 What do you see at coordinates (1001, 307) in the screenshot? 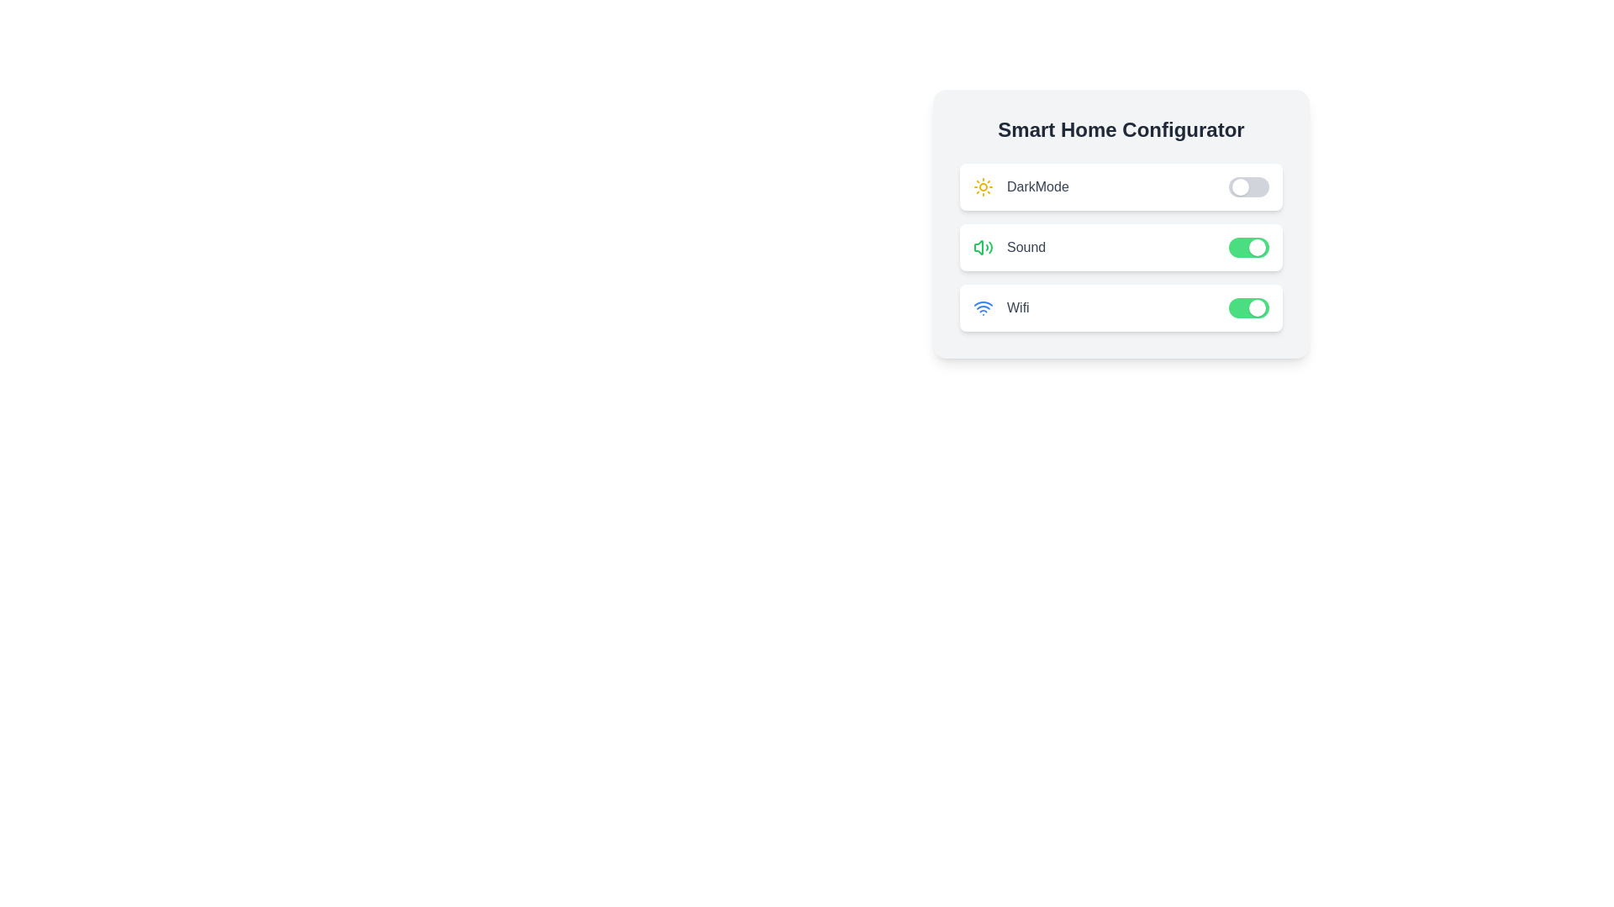
I see `the Wi-Fi label with icon that features a blue Wi-Fi icon on the left and the word 'Wifi' in gray text, located in the third row of the 'Smart Home Configurator' card` at bounding box center [1001, 307].